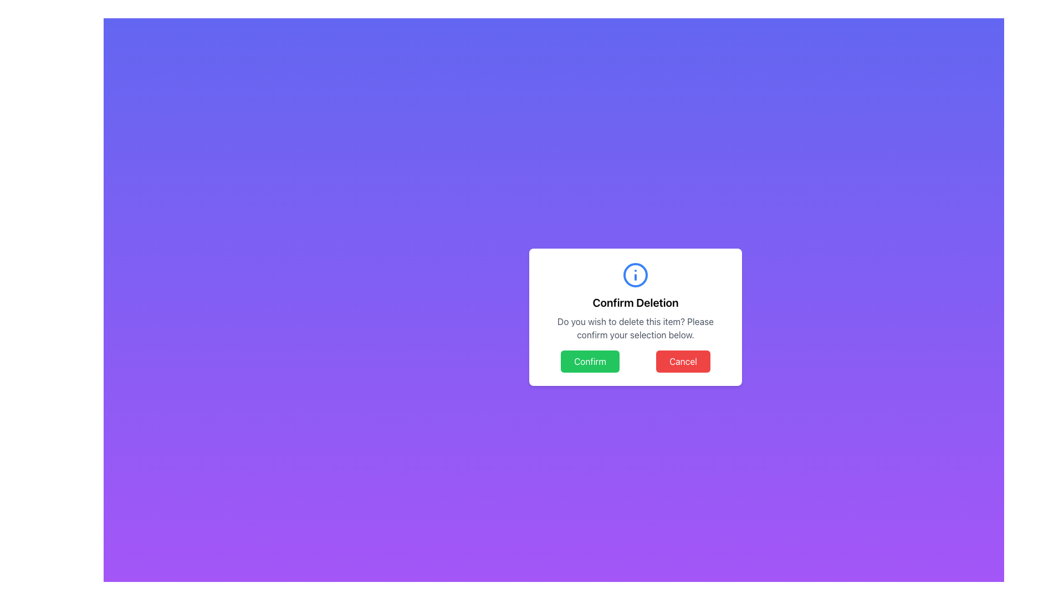 The height and width of the screenshot is (598, 1064). What do you see at coordinates (590, 361) in the screenshot?
I see `the green 'Confirm' button` at bounding box center [590, 361].